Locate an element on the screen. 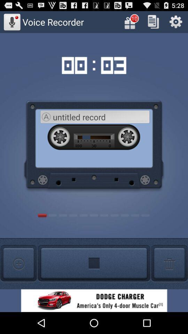 The image size is (188, 334). the add icon is located at coordinates (18, 282).